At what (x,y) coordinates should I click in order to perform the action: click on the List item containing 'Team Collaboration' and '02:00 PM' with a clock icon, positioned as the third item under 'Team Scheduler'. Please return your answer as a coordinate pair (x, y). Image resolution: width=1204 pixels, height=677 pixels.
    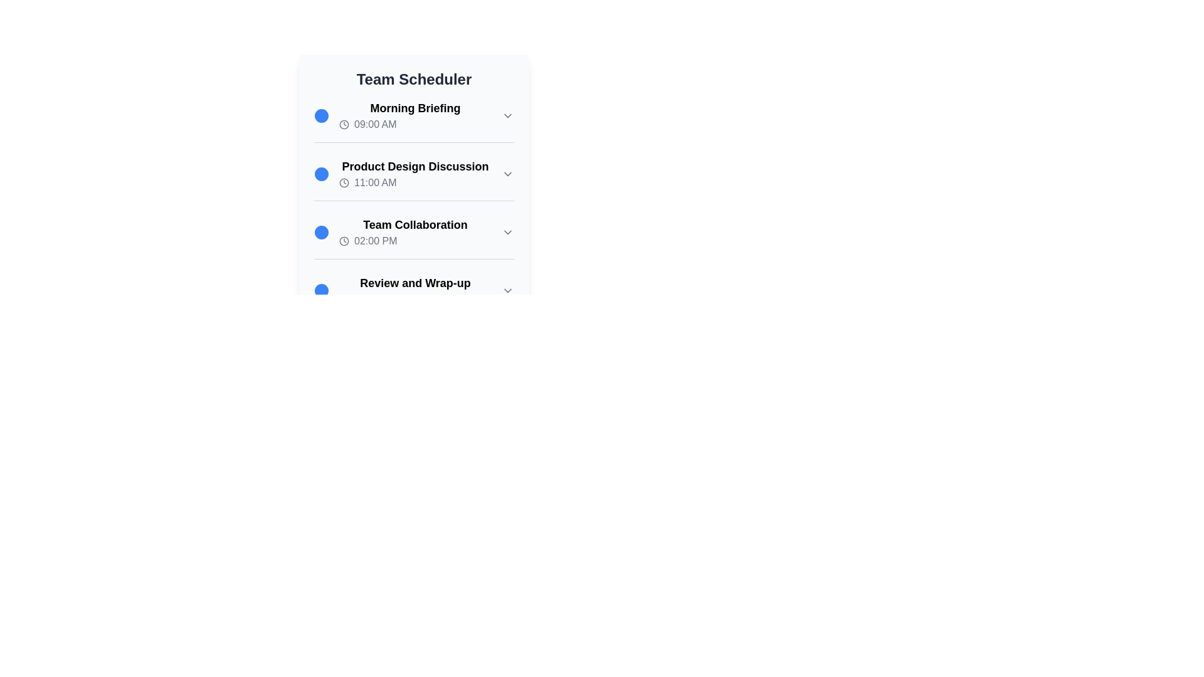
    Looking at the image, I should click on (415, 232).